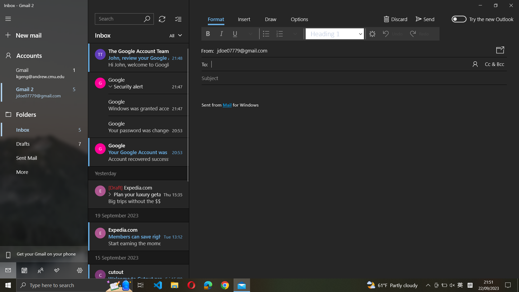 Image resolution: width=519 pixels, height=292 pixels. Describe the element at coordinates (345, 63) in the screenshot. I see `Input the email address "xyz@gmail.com" into the recipient bar` at that location.